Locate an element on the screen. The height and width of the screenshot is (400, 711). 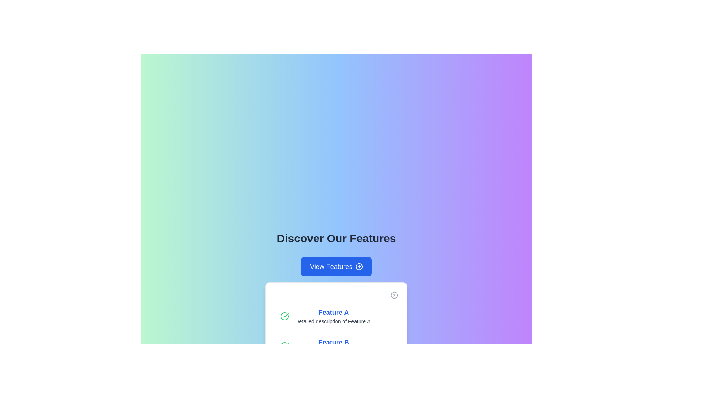
the icon associated with the List entry labeled 'Feature B' located in the modal, which is the second item in the vertically stacked list is located at coordinates (336, 346).